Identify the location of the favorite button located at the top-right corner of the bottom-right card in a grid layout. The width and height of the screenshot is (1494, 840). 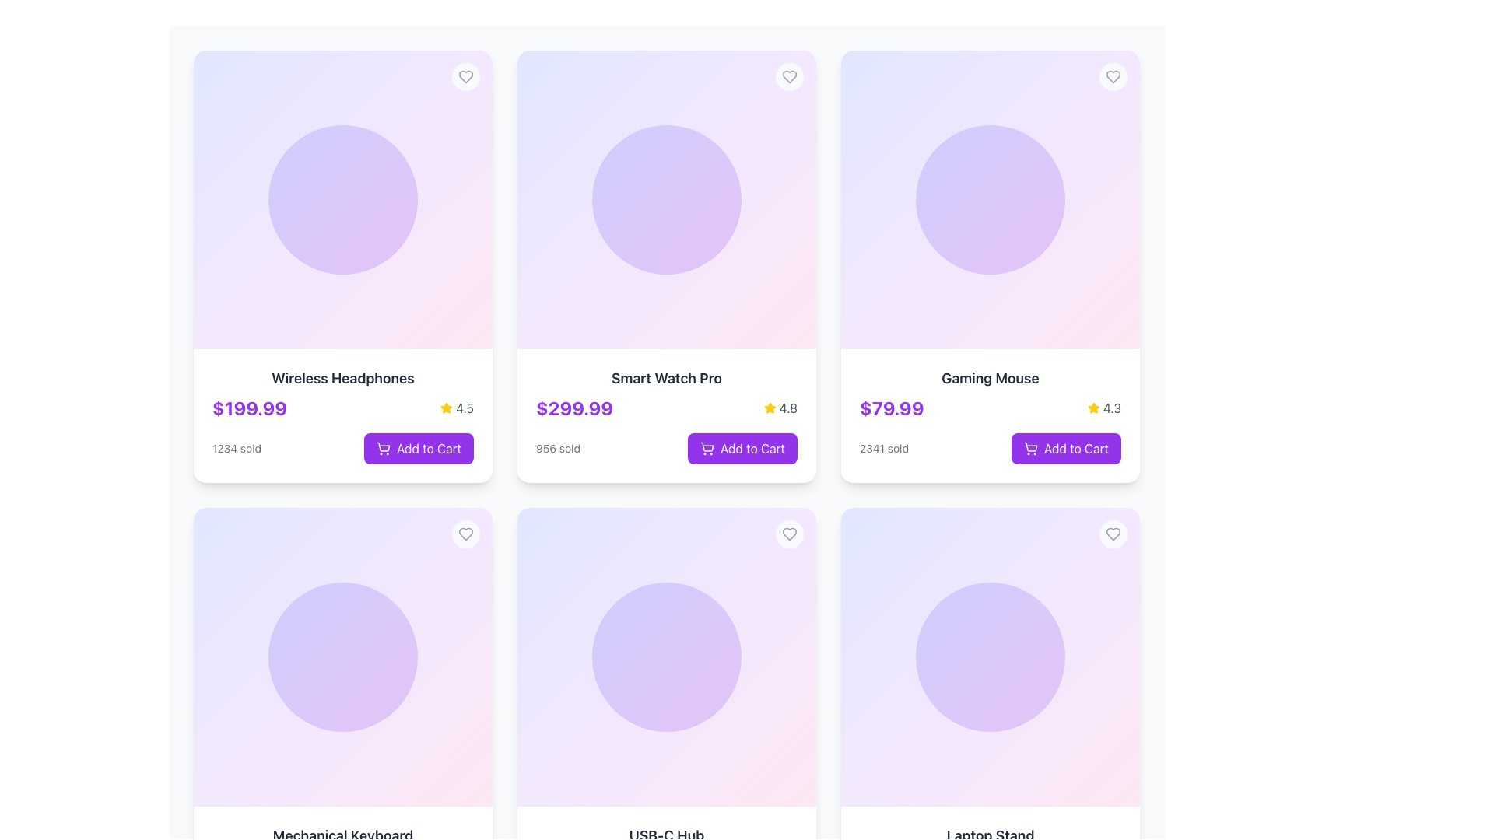
(1112, 533).